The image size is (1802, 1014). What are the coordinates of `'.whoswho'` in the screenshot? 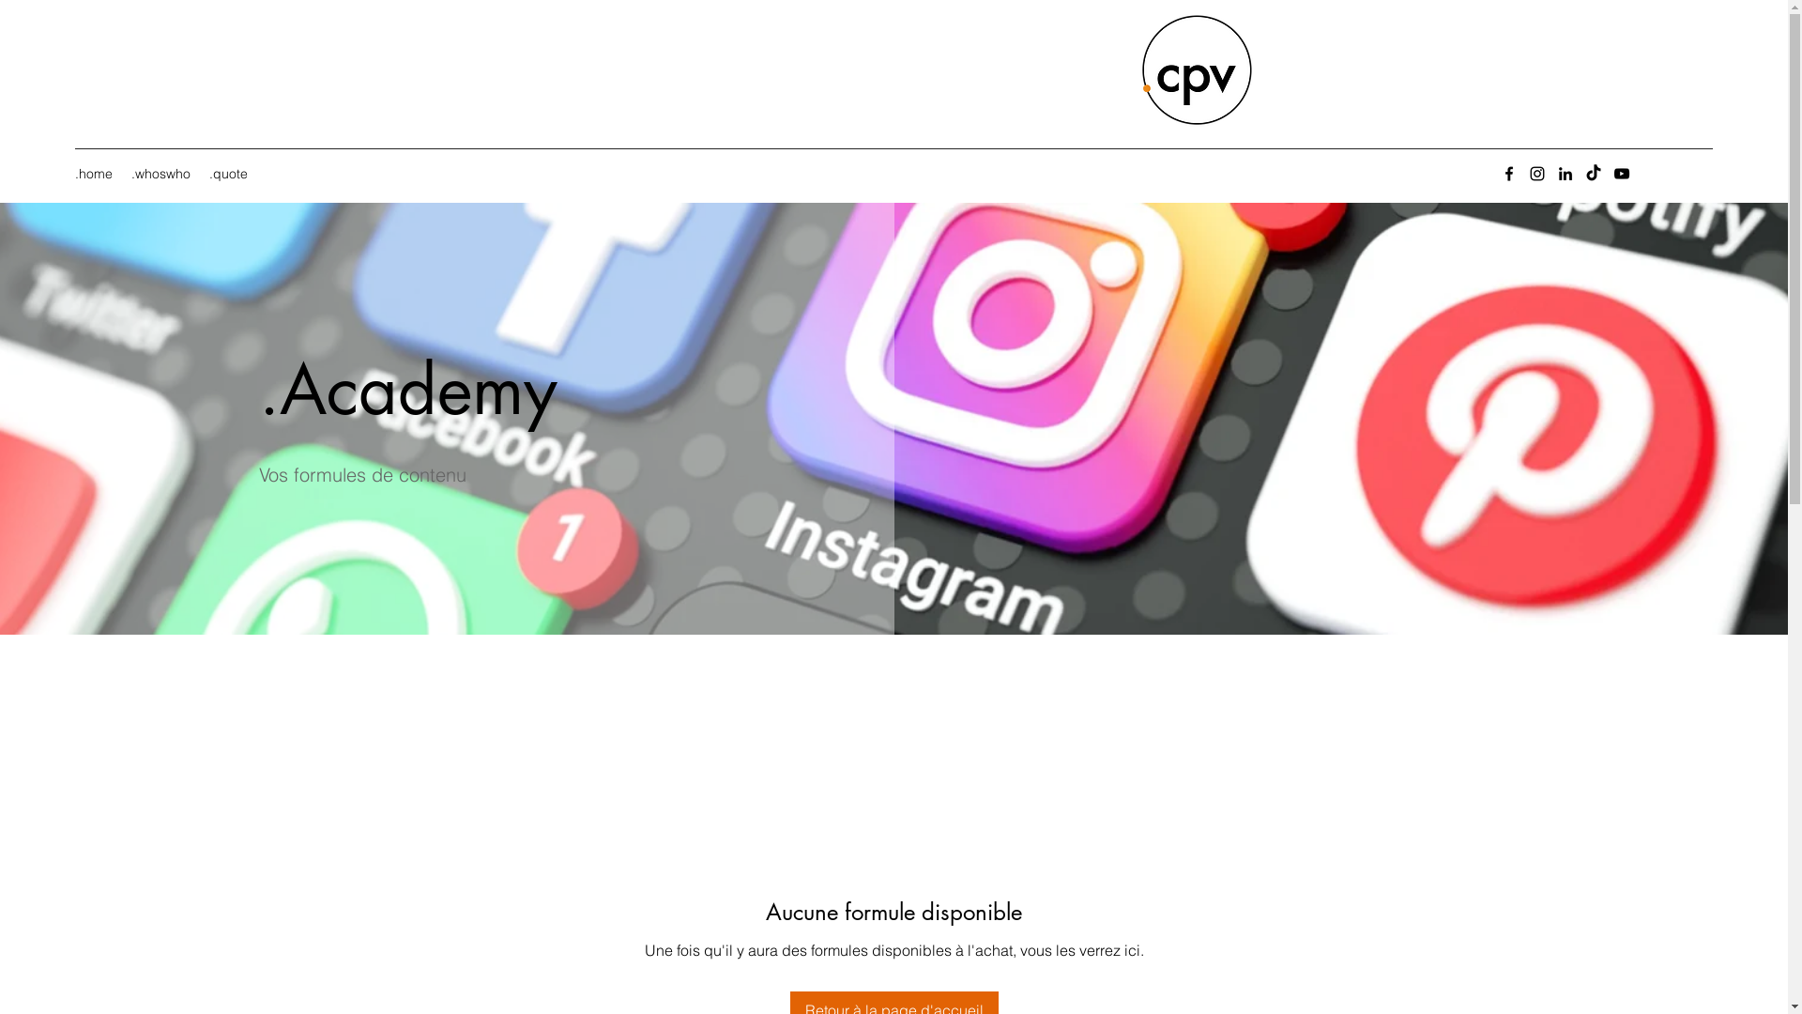 It's located at (160, 174).